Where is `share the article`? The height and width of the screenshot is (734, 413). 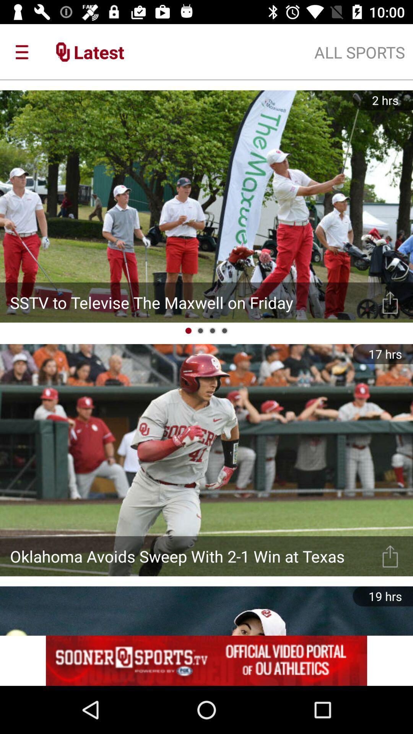 share the article is located at coordinates (390, 556).